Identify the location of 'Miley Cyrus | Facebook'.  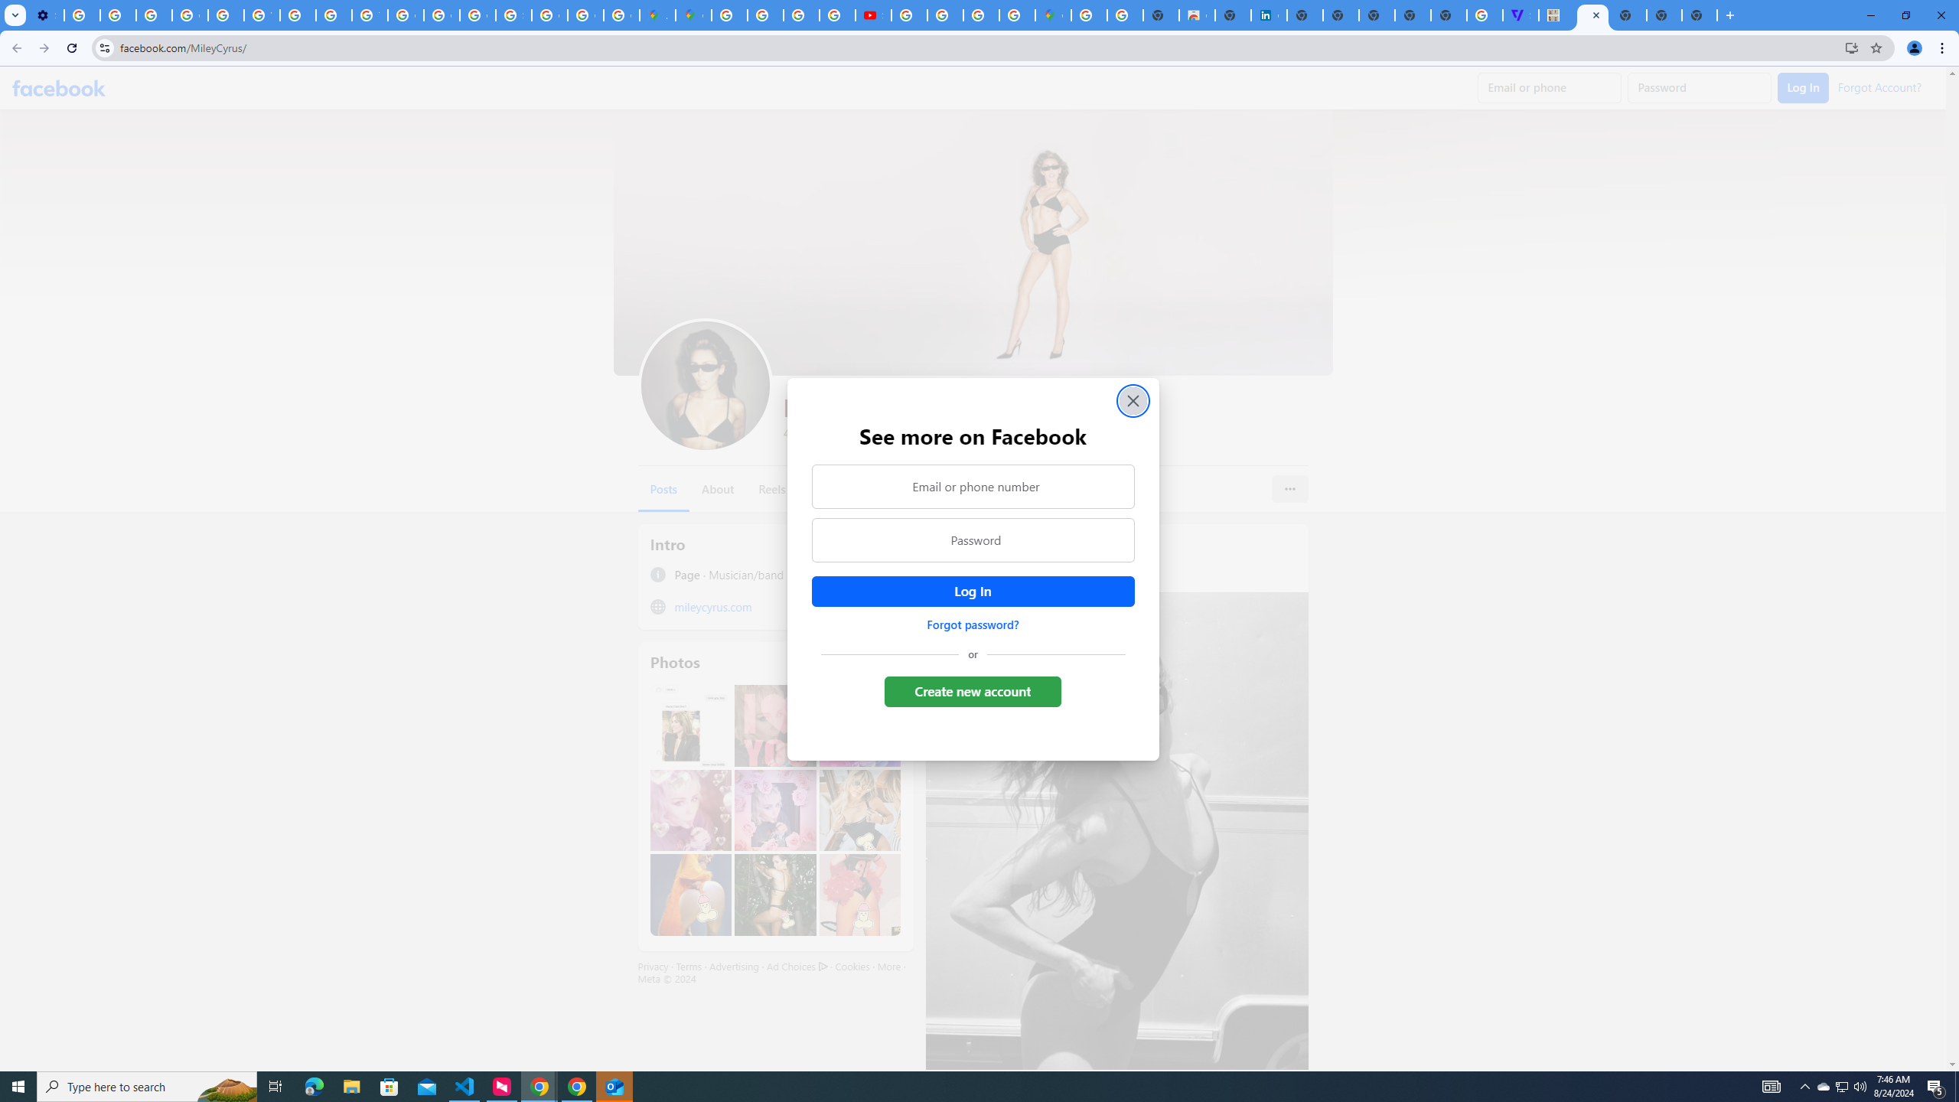
(1592, 15).